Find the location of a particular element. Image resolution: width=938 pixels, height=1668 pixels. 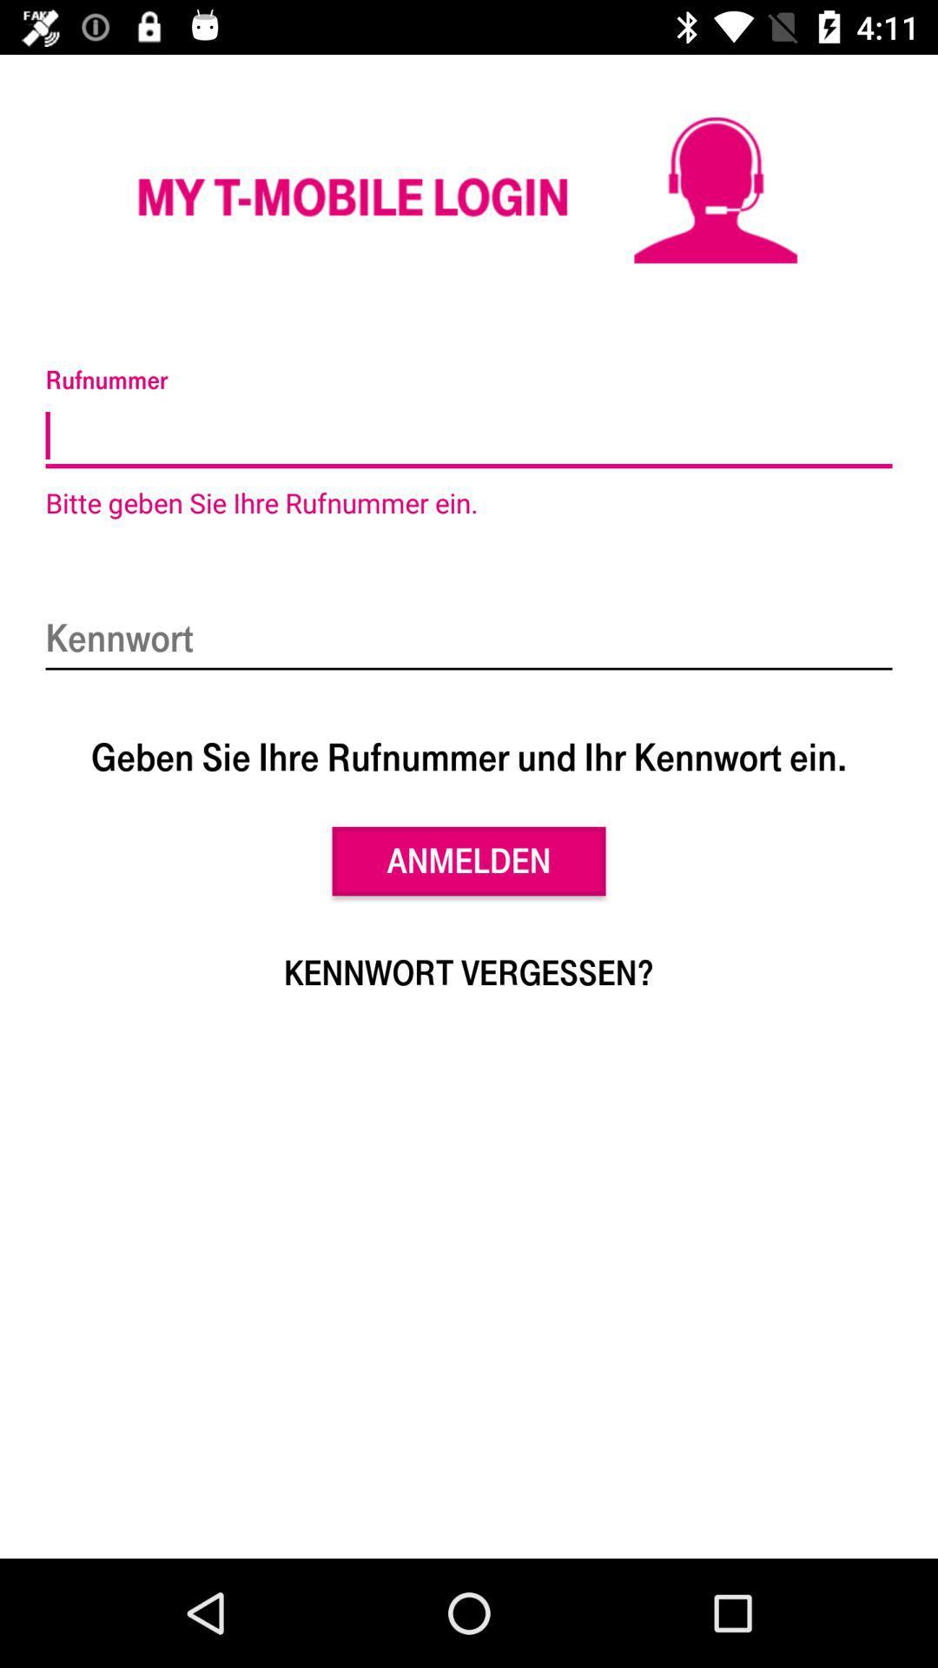

the icon below geben sie ihre icon is located at coordinates (469, 861).